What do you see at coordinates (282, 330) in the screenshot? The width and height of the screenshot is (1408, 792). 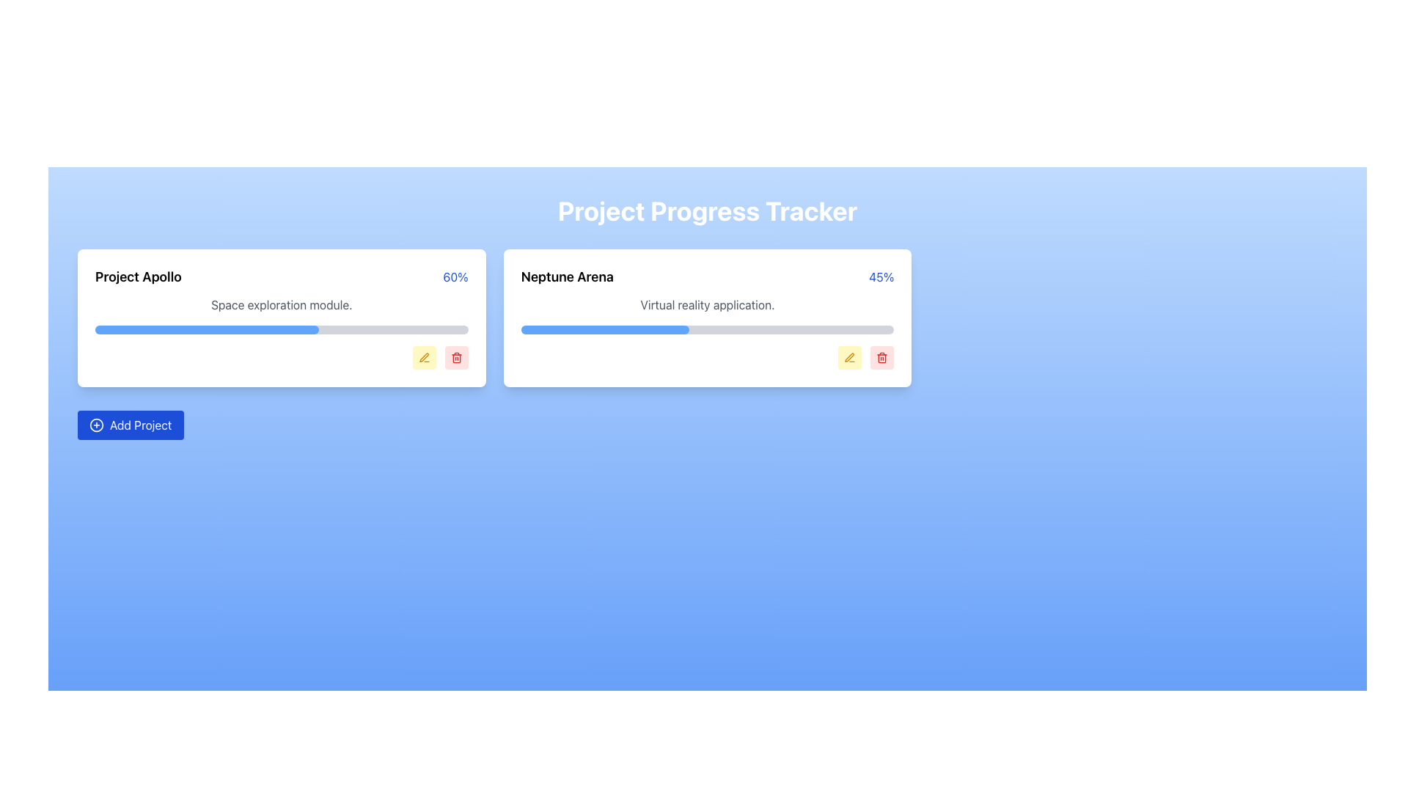 I see `the progress visually on the horizontal progress bar located within the 'Project Apollo' card, below the description text 'Space exploration module.'` at bounding box center [282, 330].